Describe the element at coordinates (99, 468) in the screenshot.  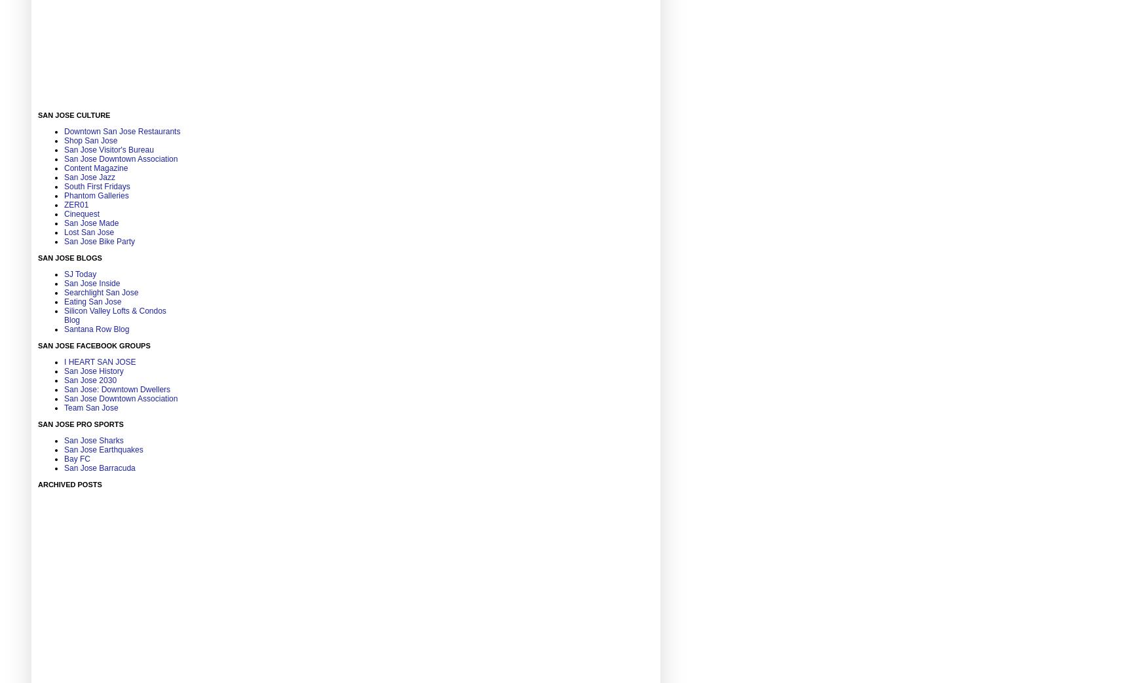
I see `'San Jose Barracuda'` at that location.